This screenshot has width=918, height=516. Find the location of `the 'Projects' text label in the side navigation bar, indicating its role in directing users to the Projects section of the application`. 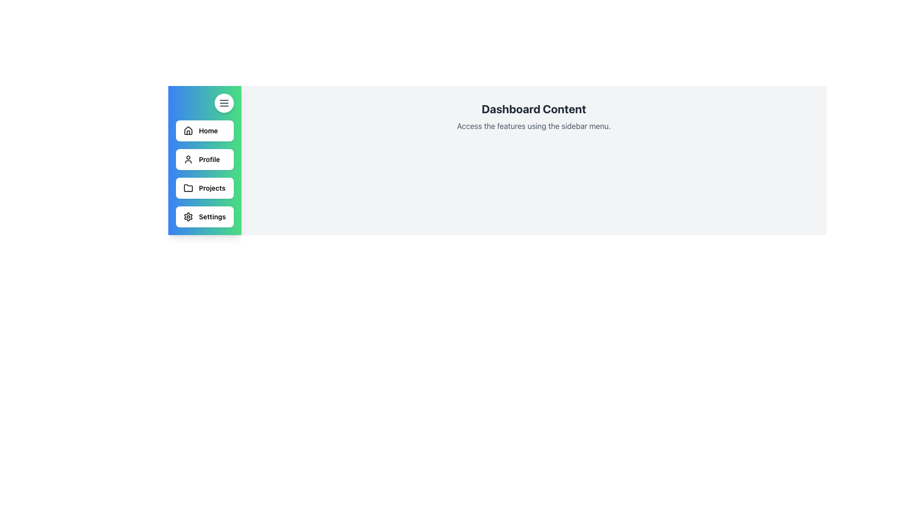

the 'Projects' text label in the side navigation bar, indicating its role in directing users to the Projects section of the application is located at coordinates (211, 188).